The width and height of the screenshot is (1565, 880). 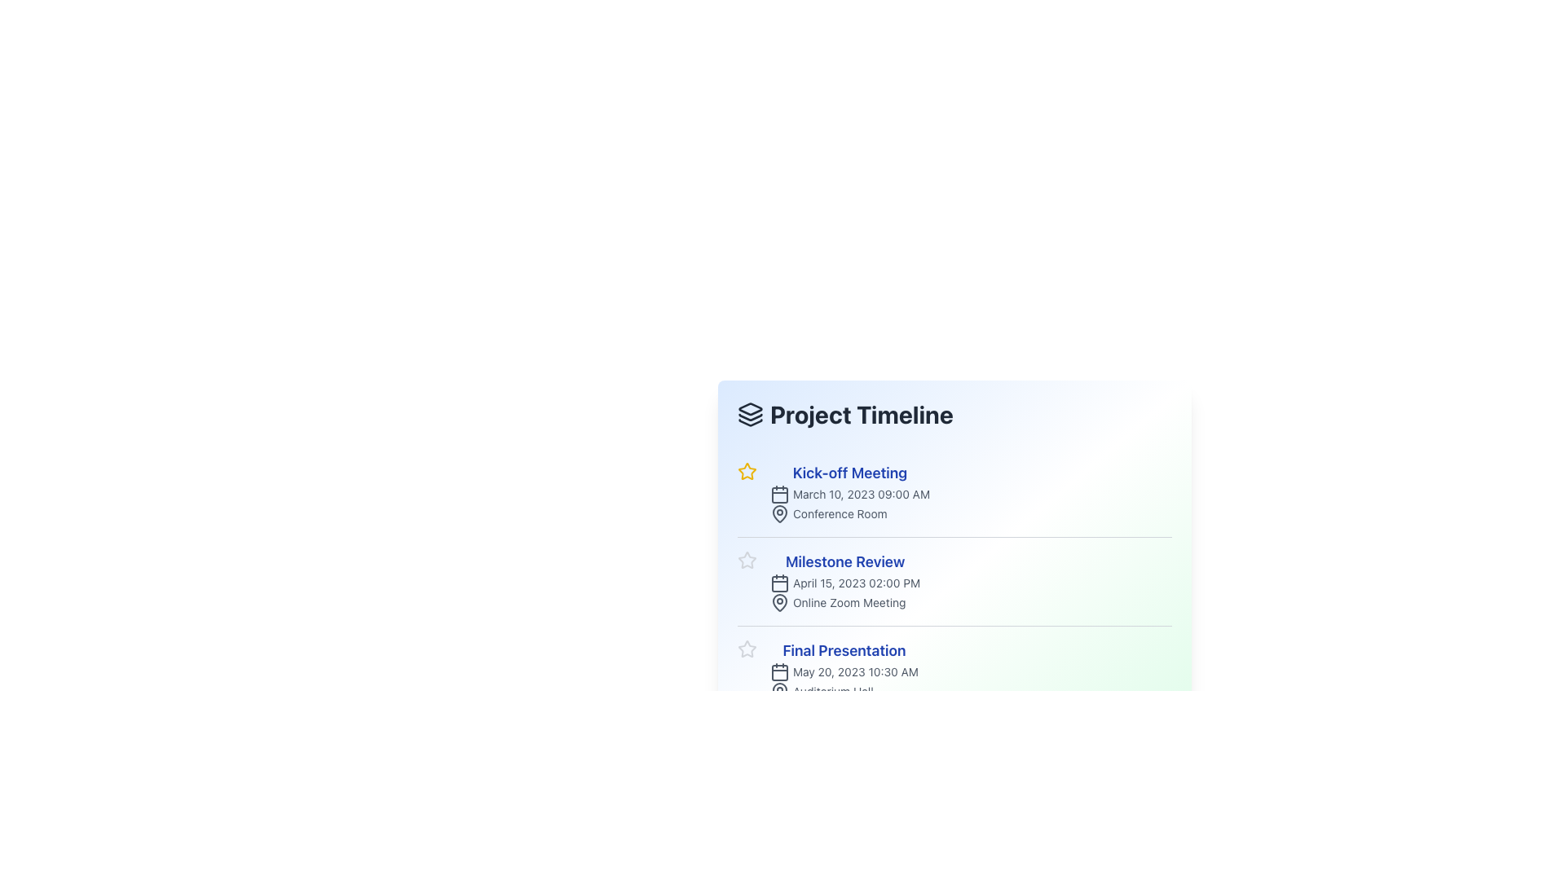 I want to click on the 'Kick-off Meeting' text element, which is styled in large bold blue font and located at the top of the 'Project Timeline' section, so click(x=849, y=473).